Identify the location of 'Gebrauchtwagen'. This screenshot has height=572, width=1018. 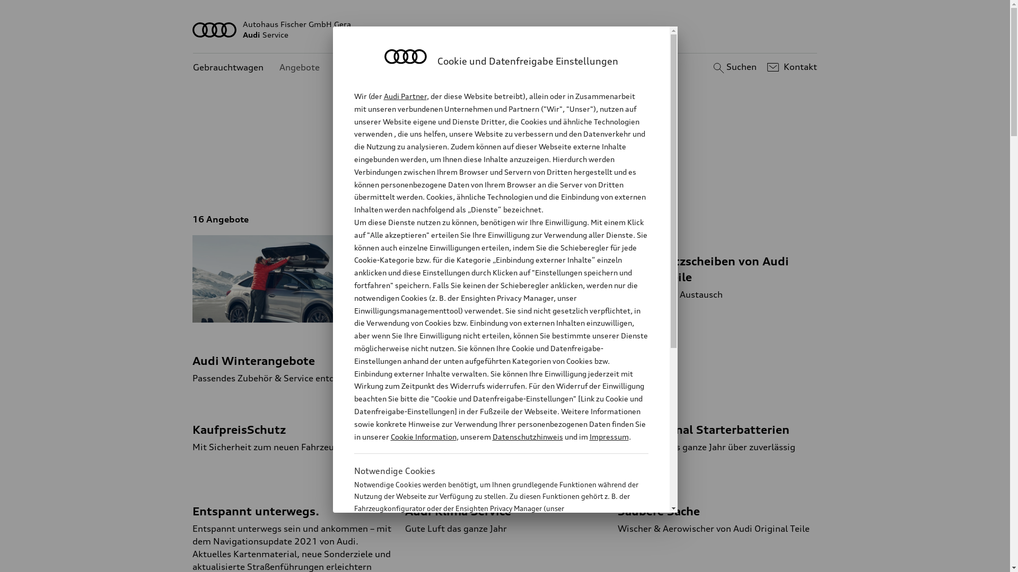
(227, 67).